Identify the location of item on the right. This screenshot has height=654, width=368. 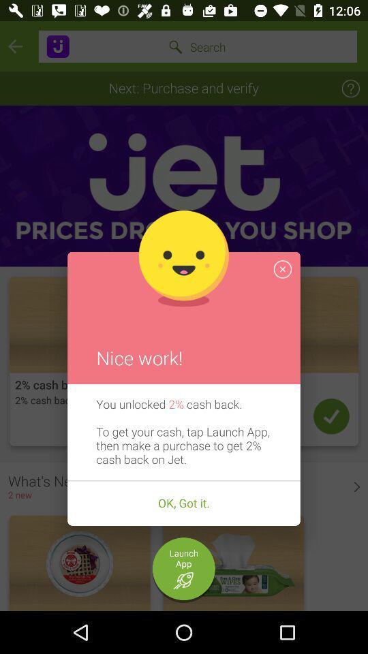
(281, 268).